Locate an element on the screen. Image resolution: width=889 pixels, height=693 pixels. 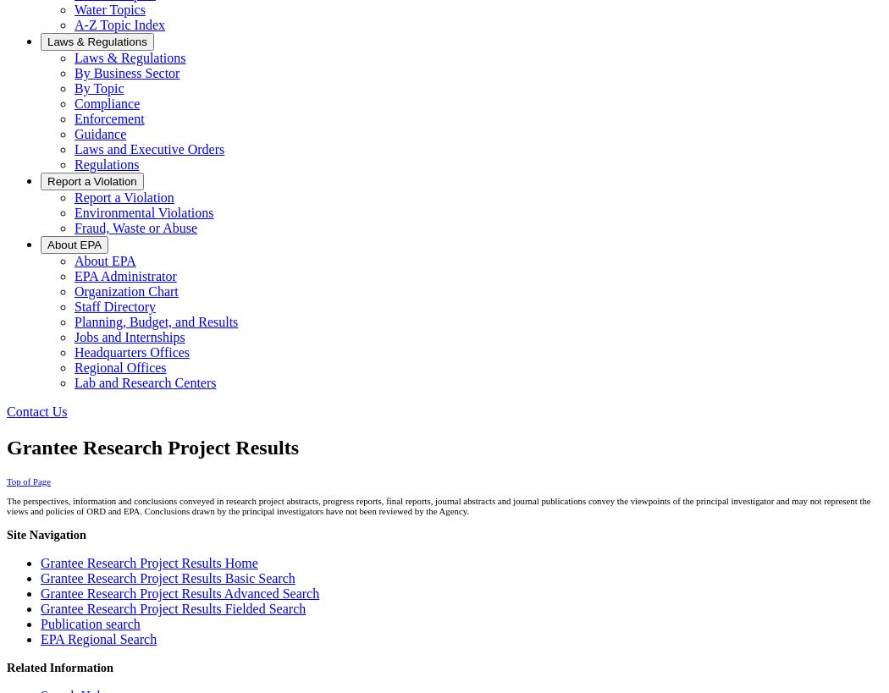
'Headquarters Offices' is located at coordinates (74, 352).